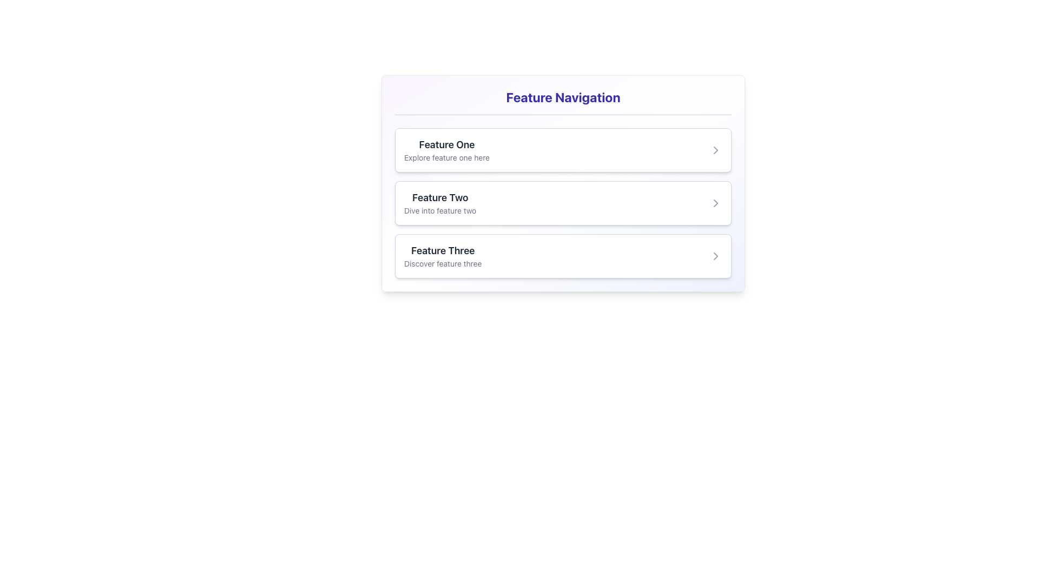  What do you see at coordinates (443, 264) in the screenshot?
I see `the text label reading 'Discover feature three', which is styled in gray and located below the title 'Feature Three' in the third navigational card` at bounding box center [443, 264].